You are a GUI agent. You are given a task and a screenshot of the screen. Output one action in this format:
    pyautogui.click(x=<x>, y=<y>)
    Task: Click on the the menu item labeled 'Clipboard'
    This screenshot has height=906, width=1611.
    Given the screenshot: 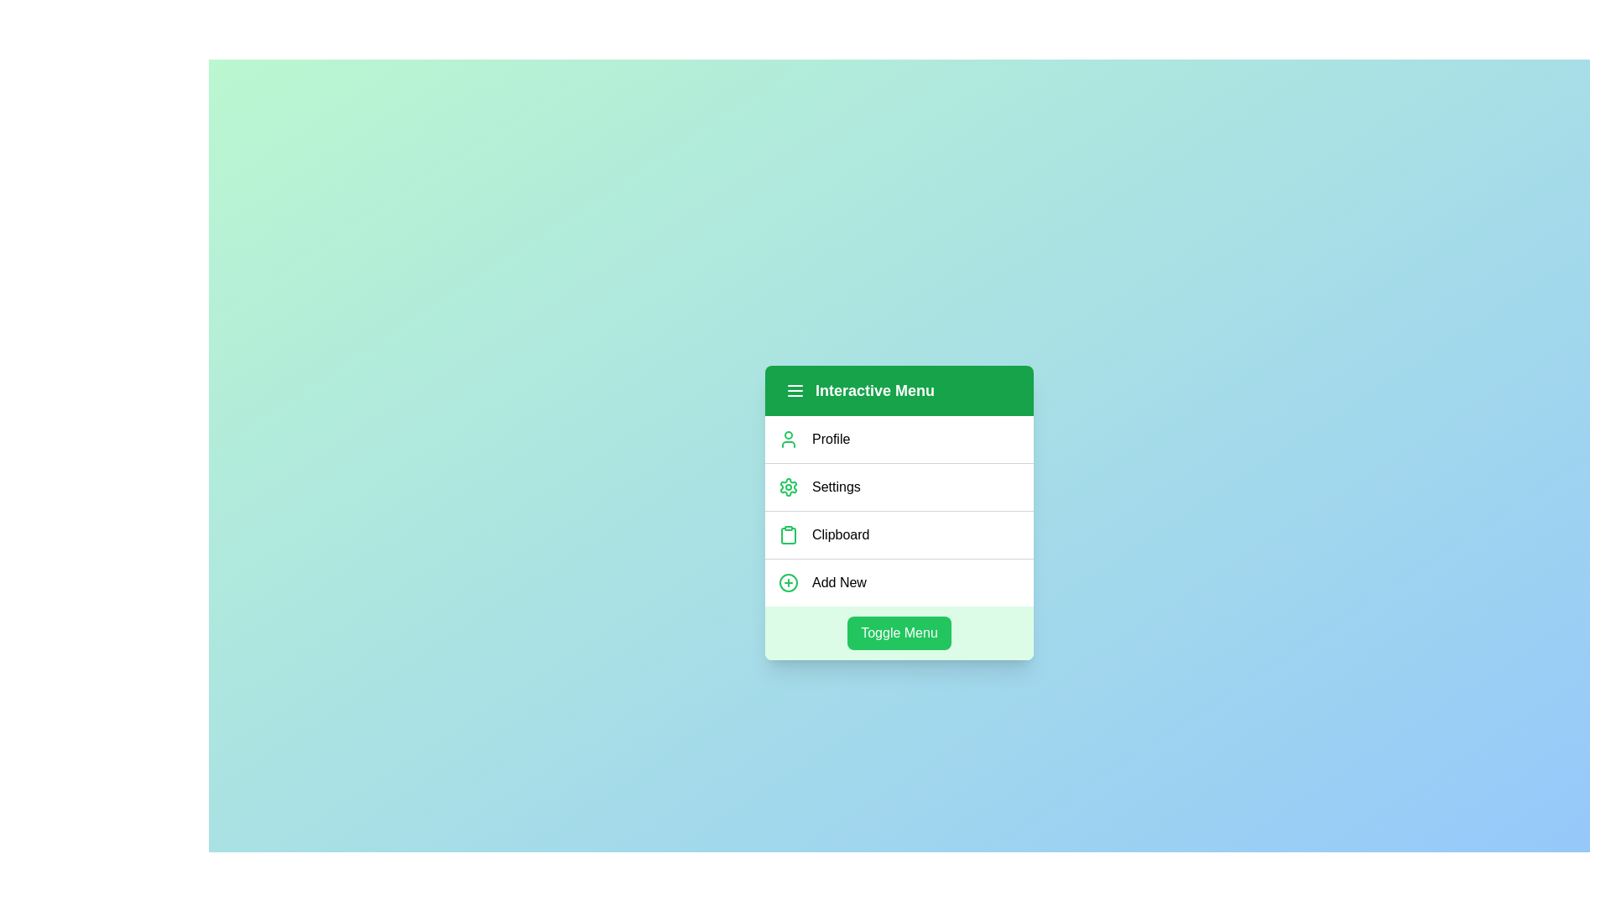 What is the action you would take?
    pyautogui.click(x=898, y=534)
    